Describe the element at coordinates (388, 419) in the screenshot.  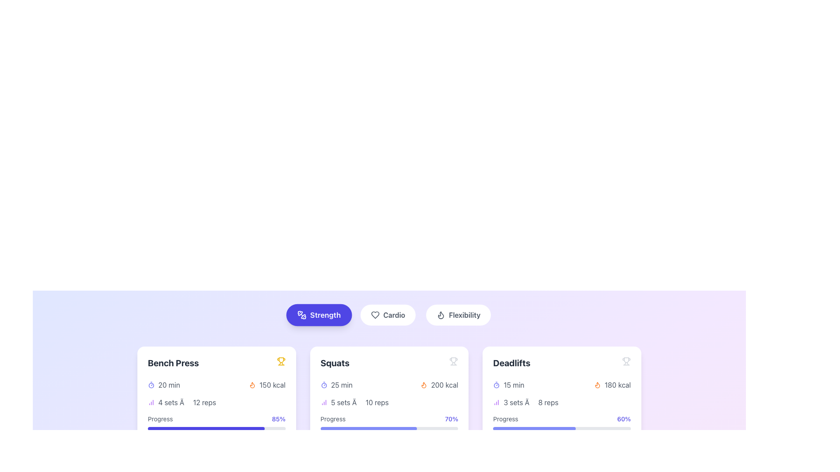
I see `the progress percentage indicator in the 'Squats' exercise card, which is located centrally at the lower part of the card, just above the progress bar` at that location.